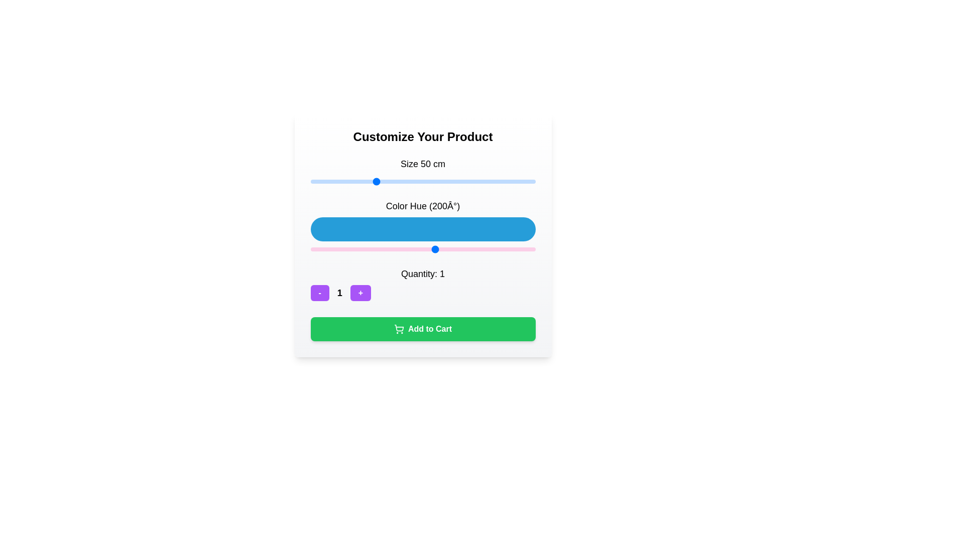 This screenshot has height=542, width=964. I want to click on the size, so click(454, 182).